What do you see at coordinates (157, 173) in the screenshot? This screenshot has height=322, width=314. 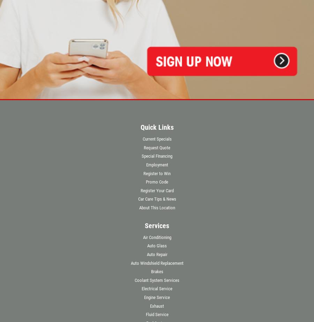 I see `'Register to Win'` at bounding box center [157, 173].